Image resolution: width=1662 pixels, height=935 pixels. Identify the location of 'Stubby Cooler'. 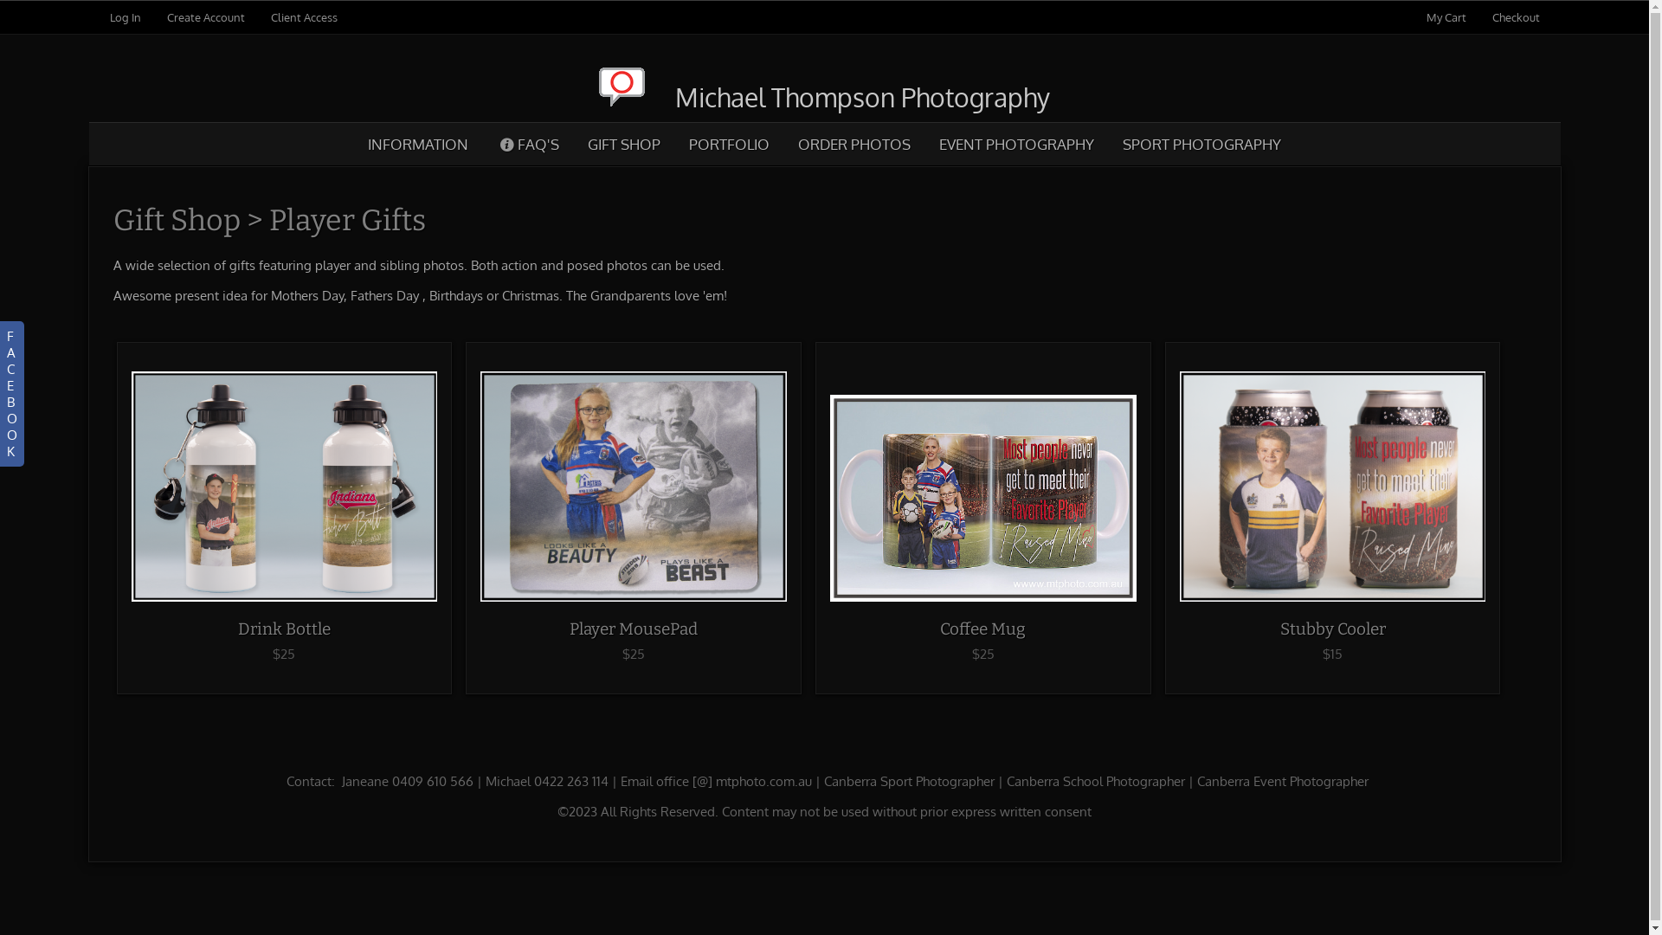
(1279, 629).